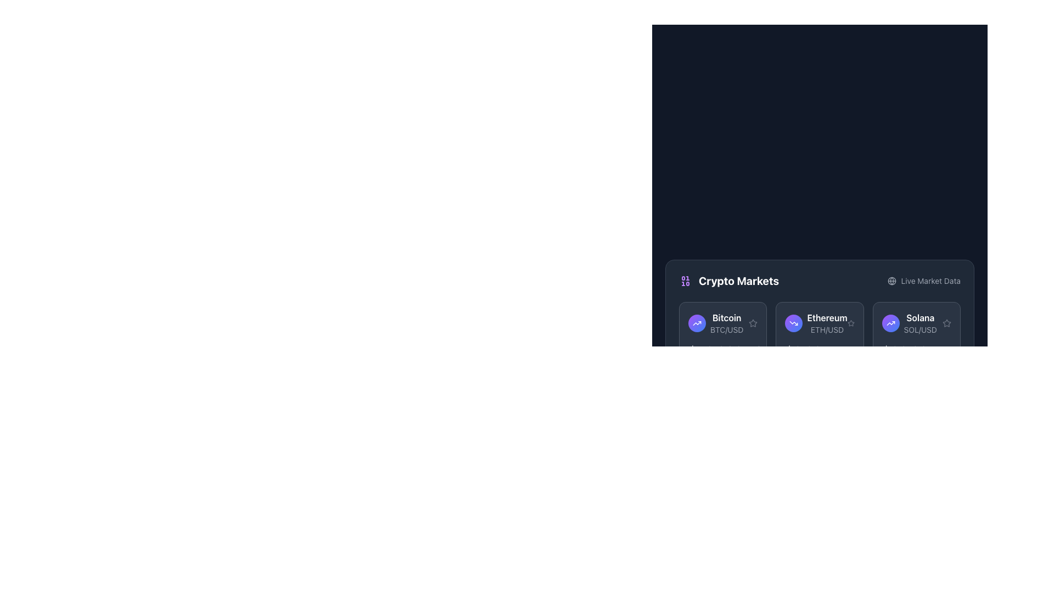 This screenshot has height=593, width=1054. Describe the element at coordinates (794, 323) in the screenshot. I see `the downward trend icon indicating a decrease in value or performance within the Ethereum (ETH/USD) card in the Crypto Markets section` at that location.